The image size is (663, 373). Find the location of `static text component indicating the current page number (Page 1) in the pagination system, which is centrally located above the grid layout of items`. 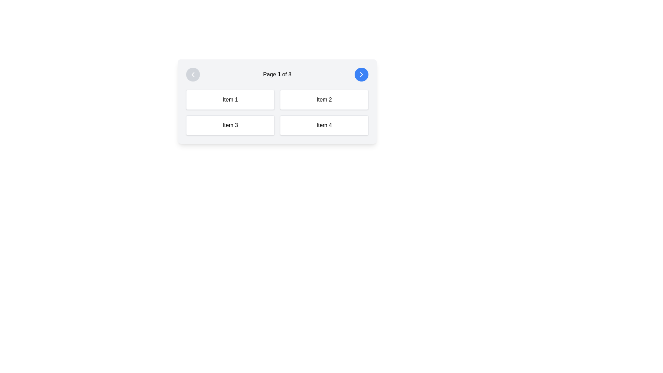

static text component indicating the current page number (Page 1) in the pagination system, which is centrally located above the grid layout of items is located at coordinates (279, 74).